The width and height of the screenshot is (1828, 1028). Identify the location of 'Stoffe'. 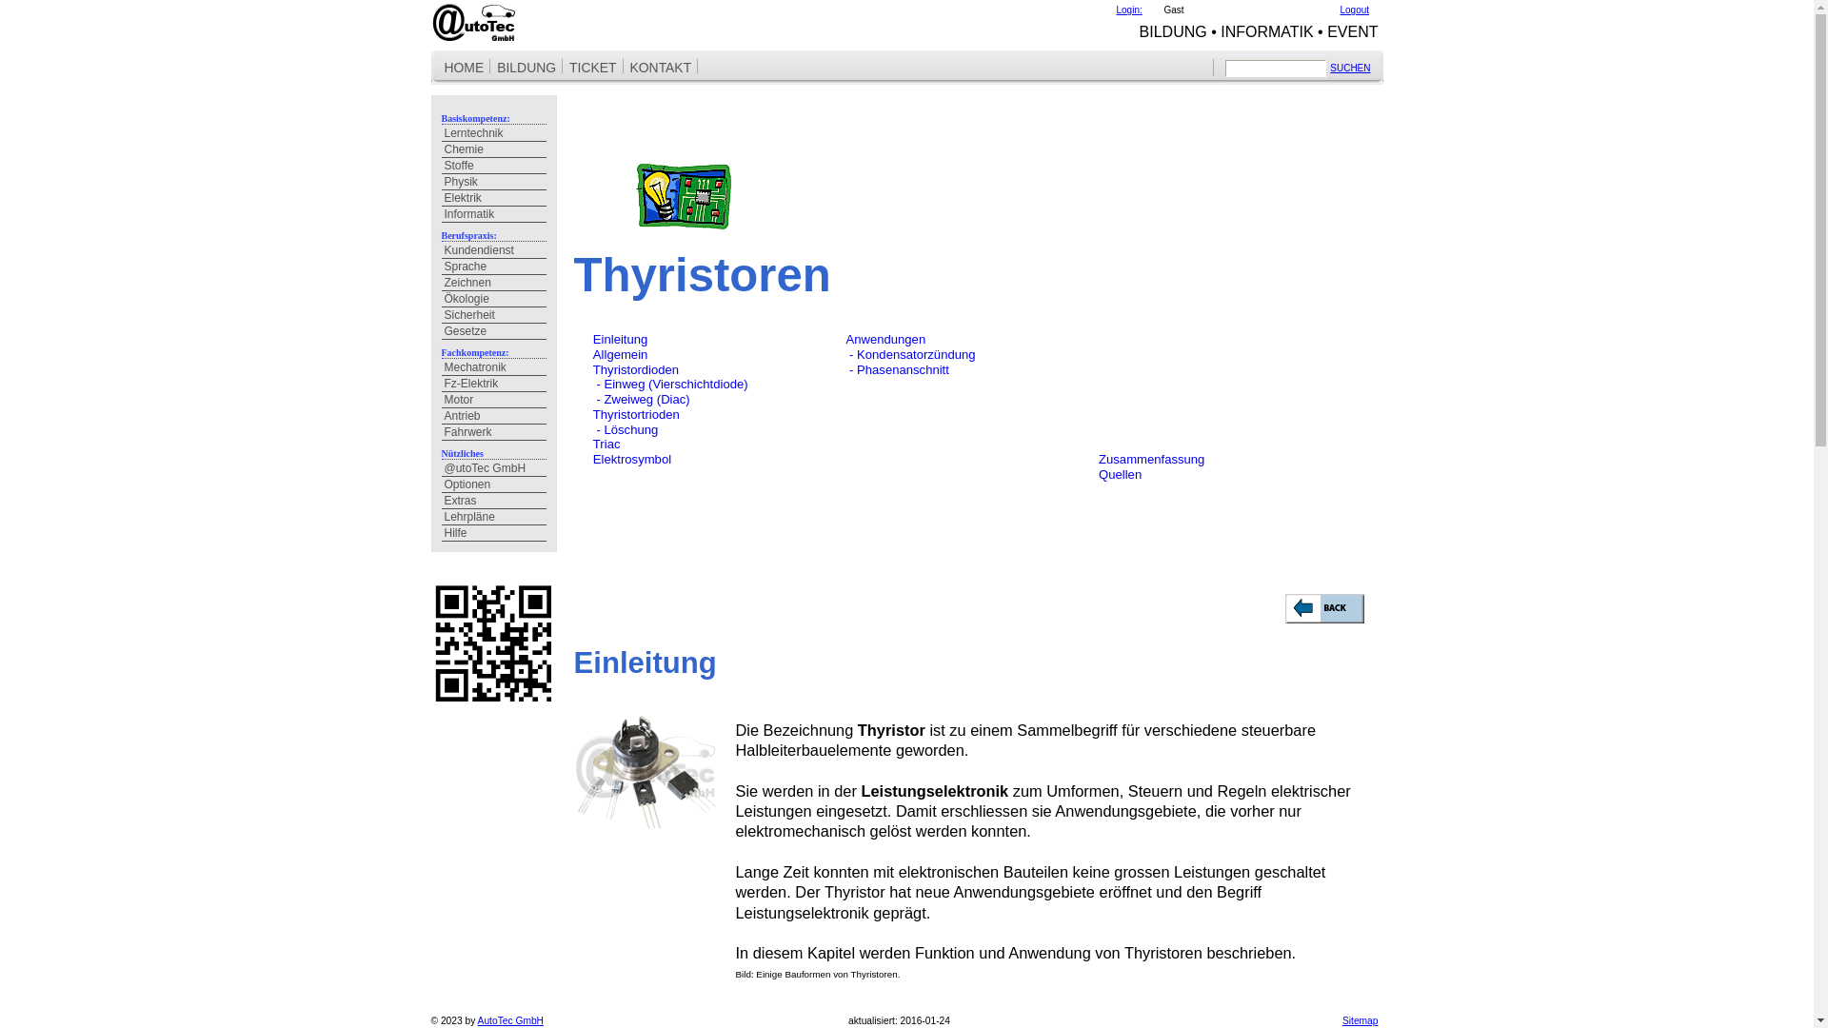
(493, 165).